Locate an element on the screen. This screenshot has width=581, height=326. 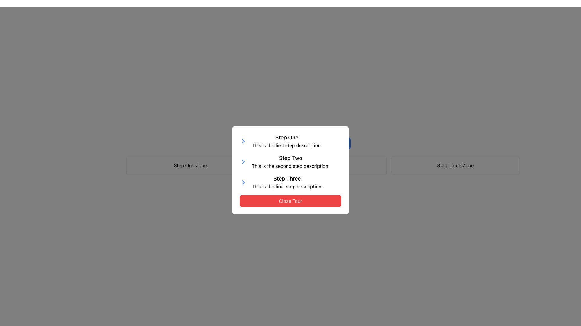
the Text Block that provides the title and description for the first step of a guided tutorial, located at the topmost position within a vertical stack of similar components is located at coordinates (287, 141).